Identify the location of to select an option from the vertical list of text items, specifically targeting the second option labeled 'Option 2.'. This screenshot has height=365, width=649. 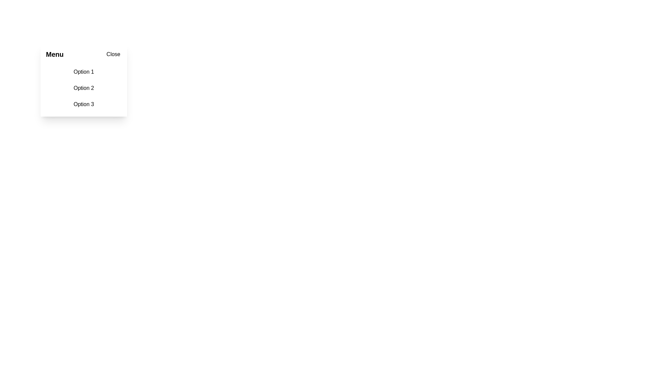
(83, 88).